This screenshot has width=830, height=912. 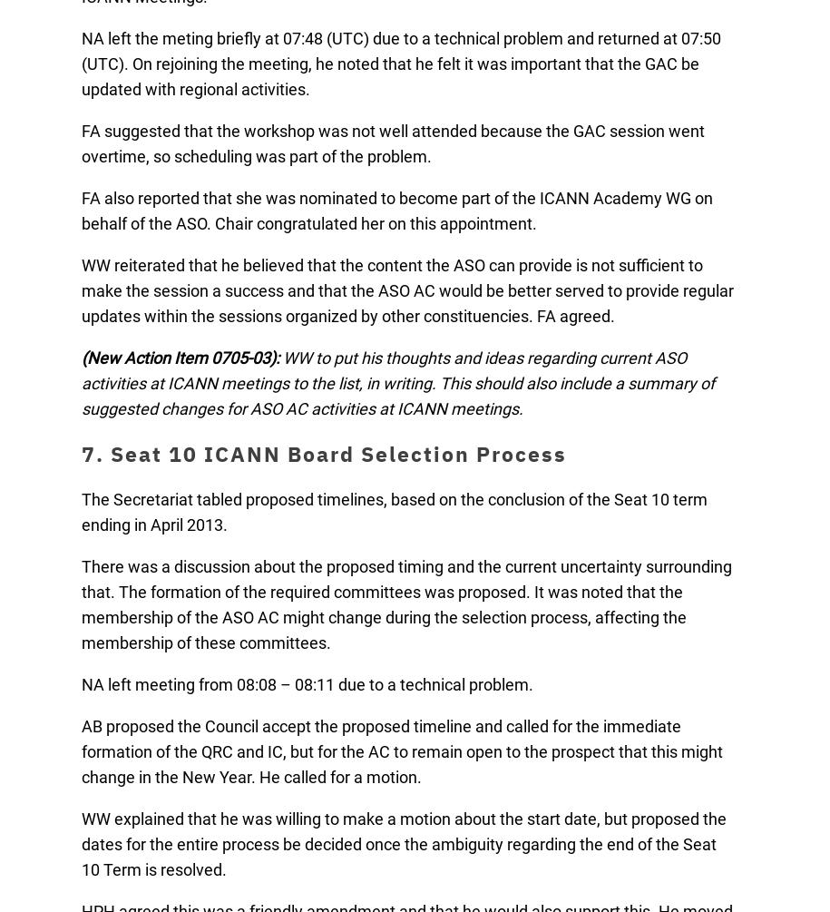 What do you see at coordinates (394, 511) in the screenshot?
I see `'The Secretariat tabled proposed timelines, based on the conclusion of the Seat 10 term ending in April 2013.'` at bounding box center [394, 511].